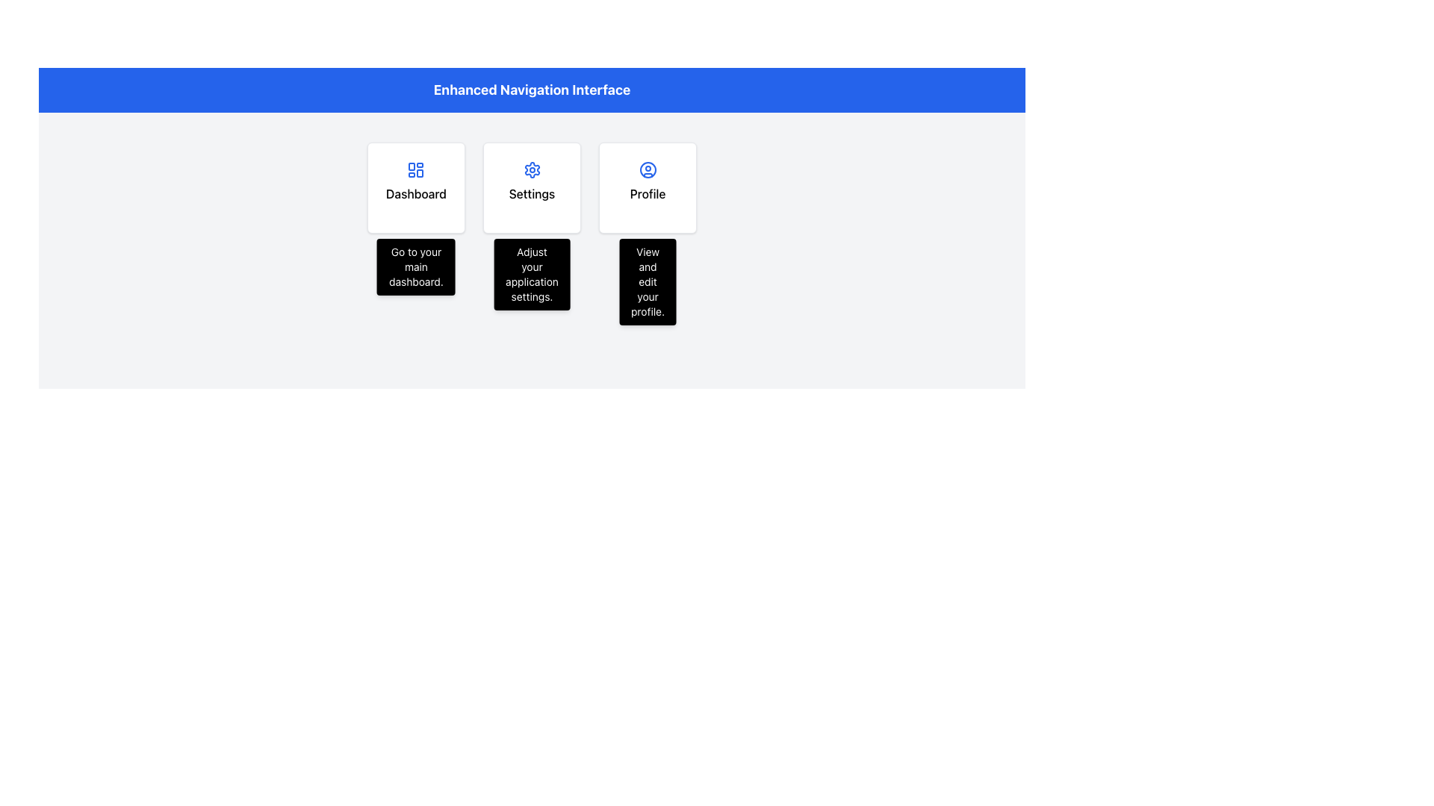 Image resolution: width=1434 pixels, height=806 pixels. What do you see at coordinates (532, 169) in the screenshot?
I see `the encompassing area of the 'Settings' icon, which is located at the top of the middle card in the 'Enhanced Navigation Interface' section` at bounding box center [532, 169].